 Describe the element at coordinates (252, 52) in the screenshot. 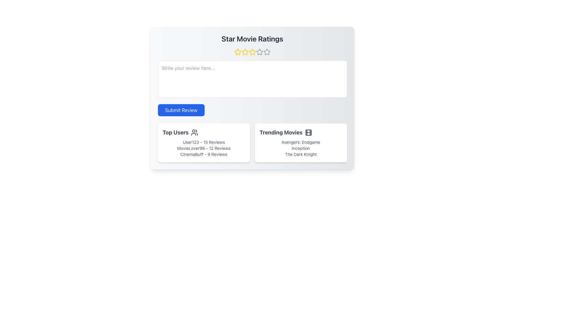

I see `the third yellow star in the rating system` at that location.